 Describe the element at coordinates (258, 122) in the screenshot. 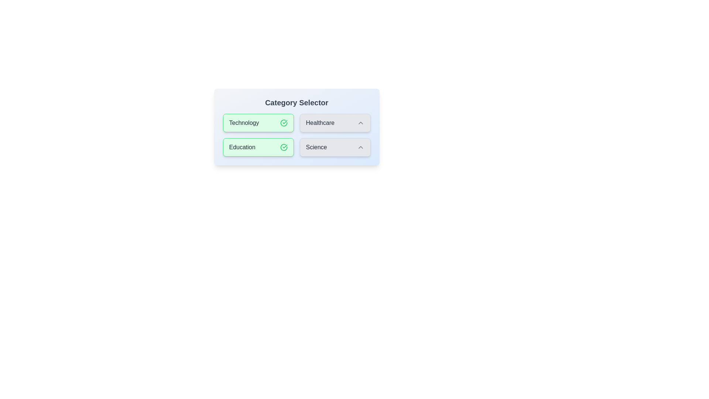

I see `the category Technology to observe the hover effect` at that location.